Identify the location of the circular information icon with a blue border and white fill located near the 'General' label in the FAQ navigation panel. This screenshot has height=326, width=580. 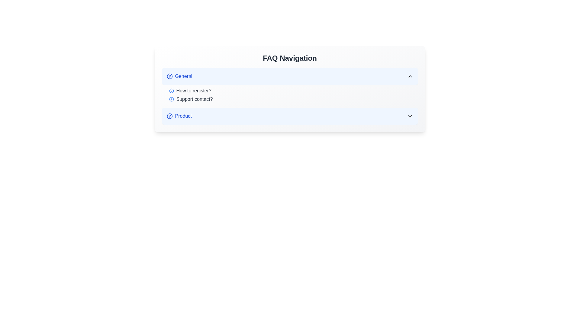
(171, 99).